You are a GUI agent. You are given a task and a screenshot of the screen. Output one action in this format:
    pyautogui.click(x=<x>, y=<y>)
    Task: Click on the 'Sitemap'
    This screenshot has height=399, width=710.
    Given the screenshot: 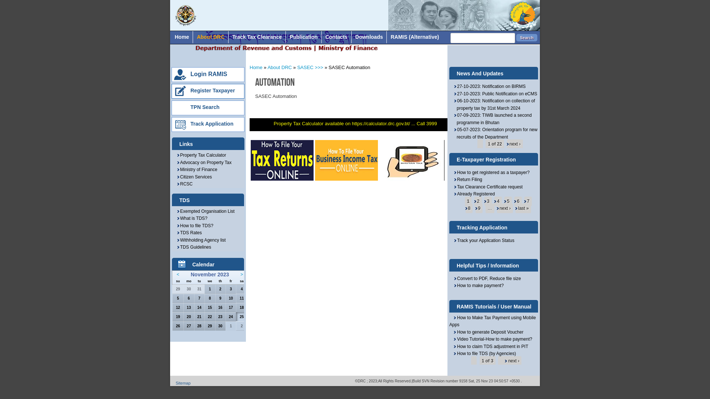 What is the action you would take?
    pyautogui.click(x=183, y=383)
    